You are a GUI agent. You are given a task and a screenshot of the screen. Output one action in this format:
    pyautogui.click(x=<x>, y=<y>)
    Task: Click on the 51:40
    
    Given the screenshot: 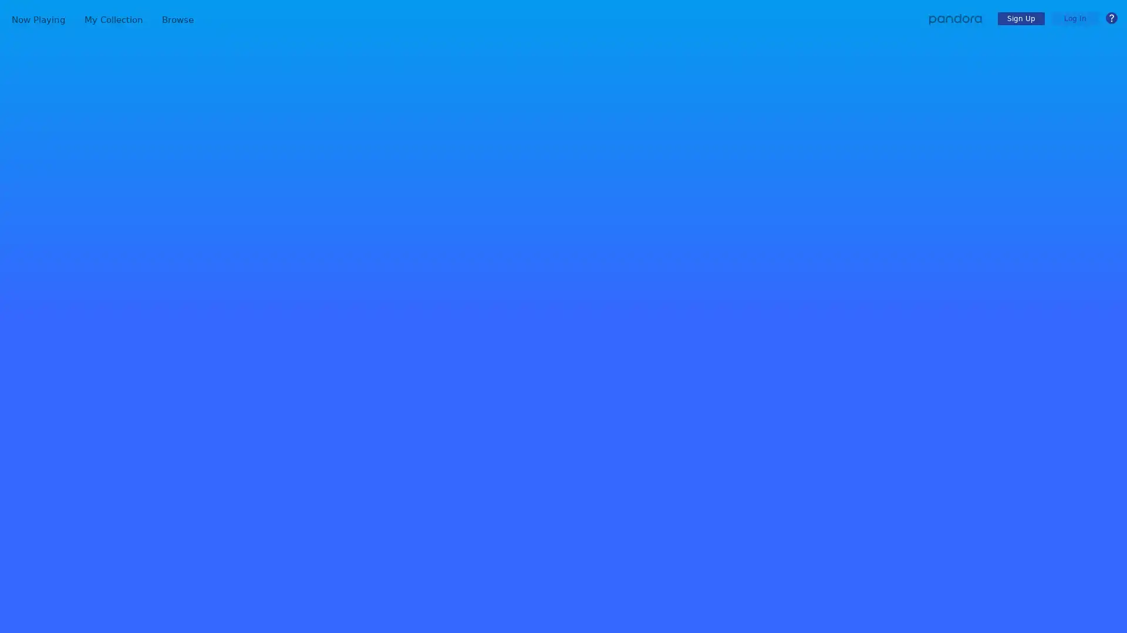 What is the action you would take?
    pyautogui.click(x=972, y=549)
    